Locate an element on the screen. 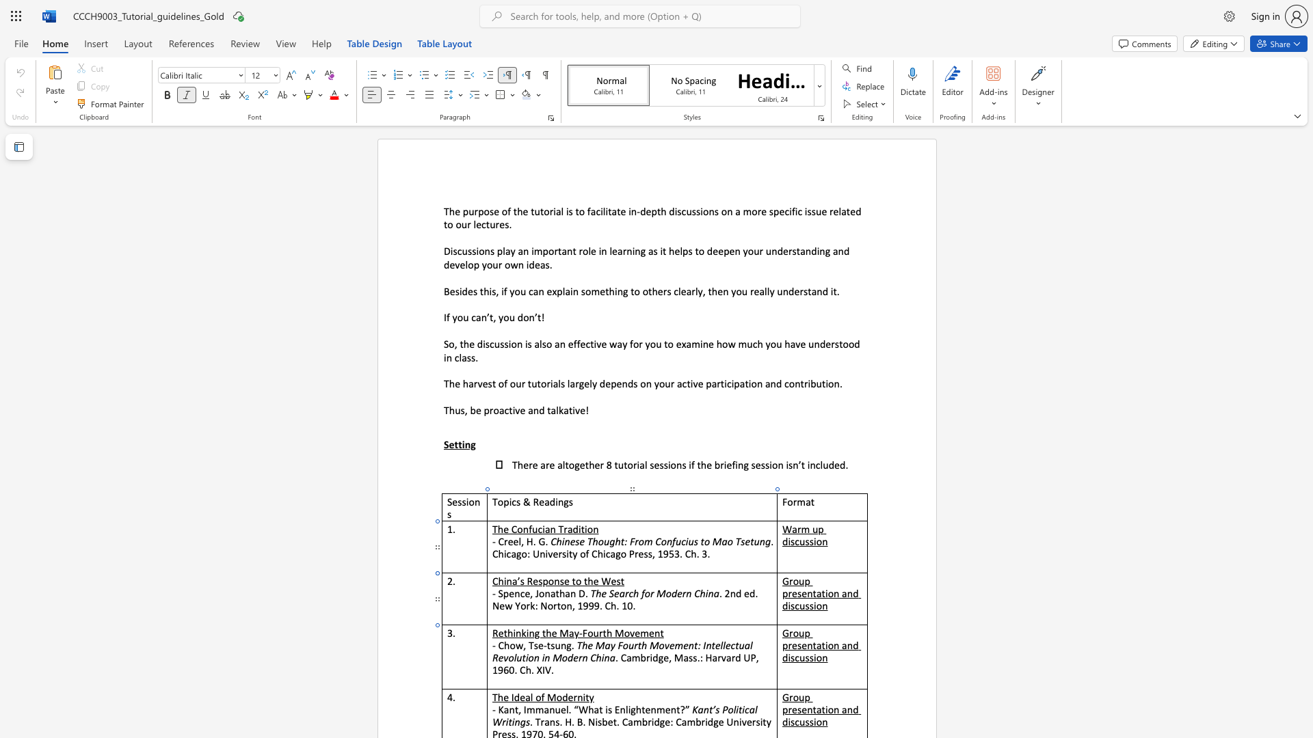 The height and width of the screenshot is (738, 1313). the space between the continuous character "m" and "e" in the text is located at coordinates (647, 633).